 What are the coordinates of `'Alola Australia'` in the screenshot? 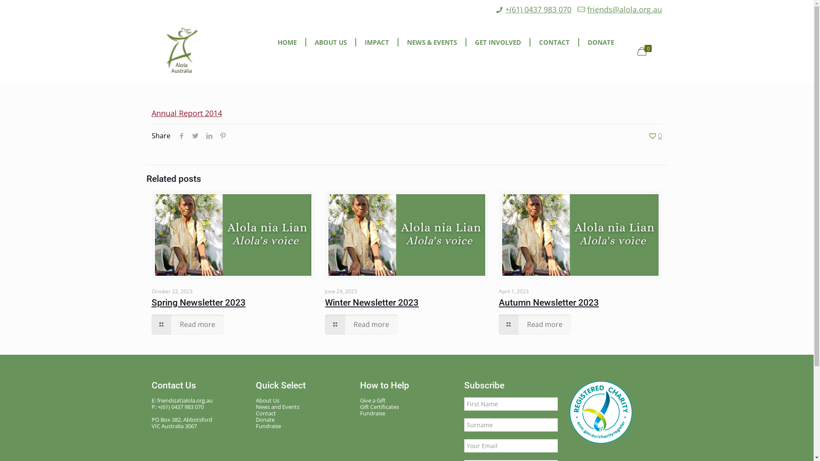 It's located at (182, 51).